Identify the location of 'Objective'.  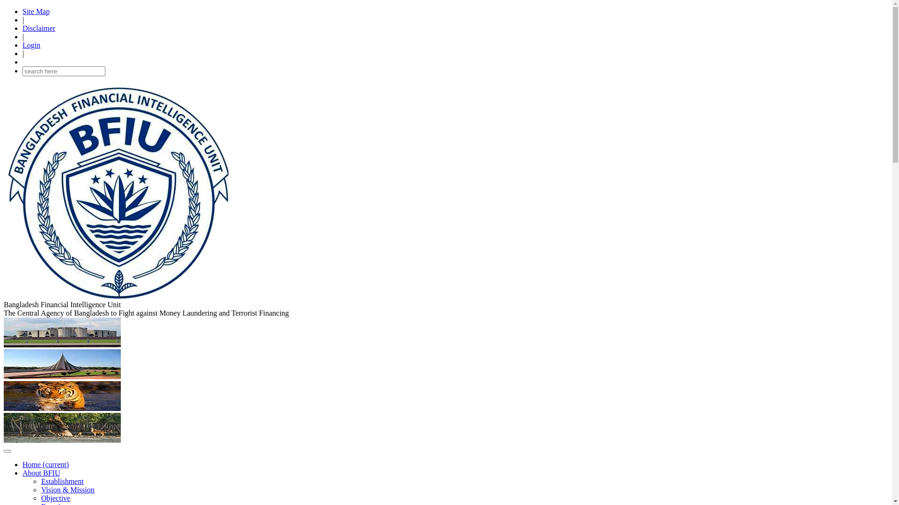
(55, 498).